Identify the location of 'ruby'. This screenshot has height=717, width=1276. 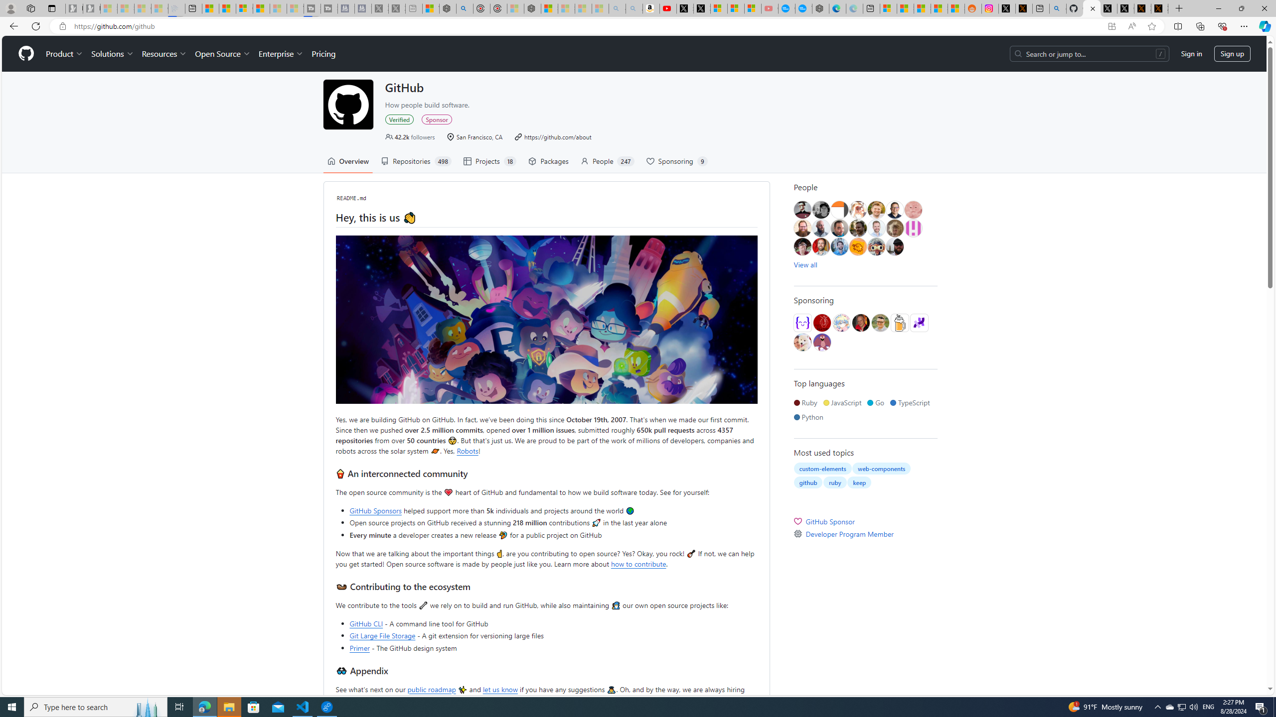
(835, 482).